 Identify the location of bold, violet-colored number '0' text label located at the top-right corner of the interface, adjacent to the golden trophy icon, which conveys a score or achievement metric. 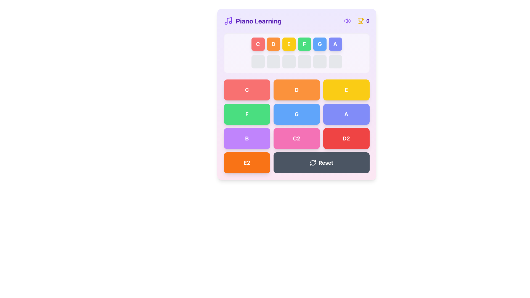
(363, 21).